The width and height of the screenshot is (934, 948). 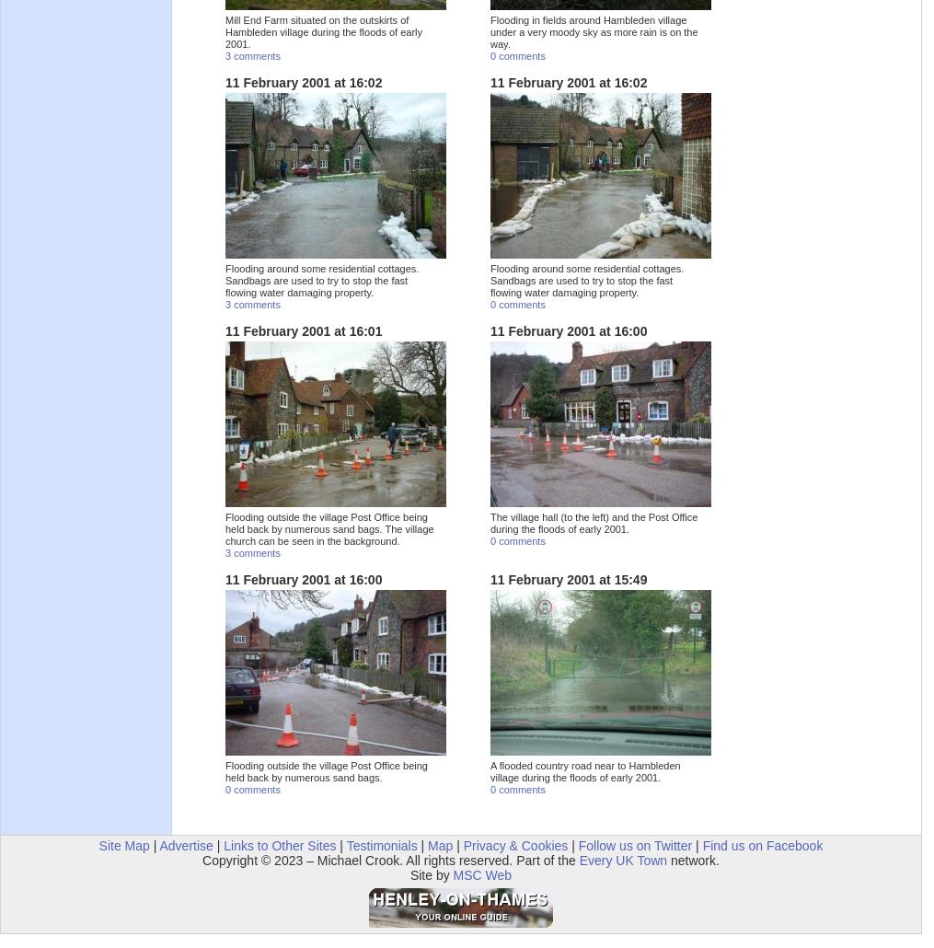 What do you see at coordinates (381, 845) in the screenshot?
I see `'Testimonials'` at bounding box center [381, 845].